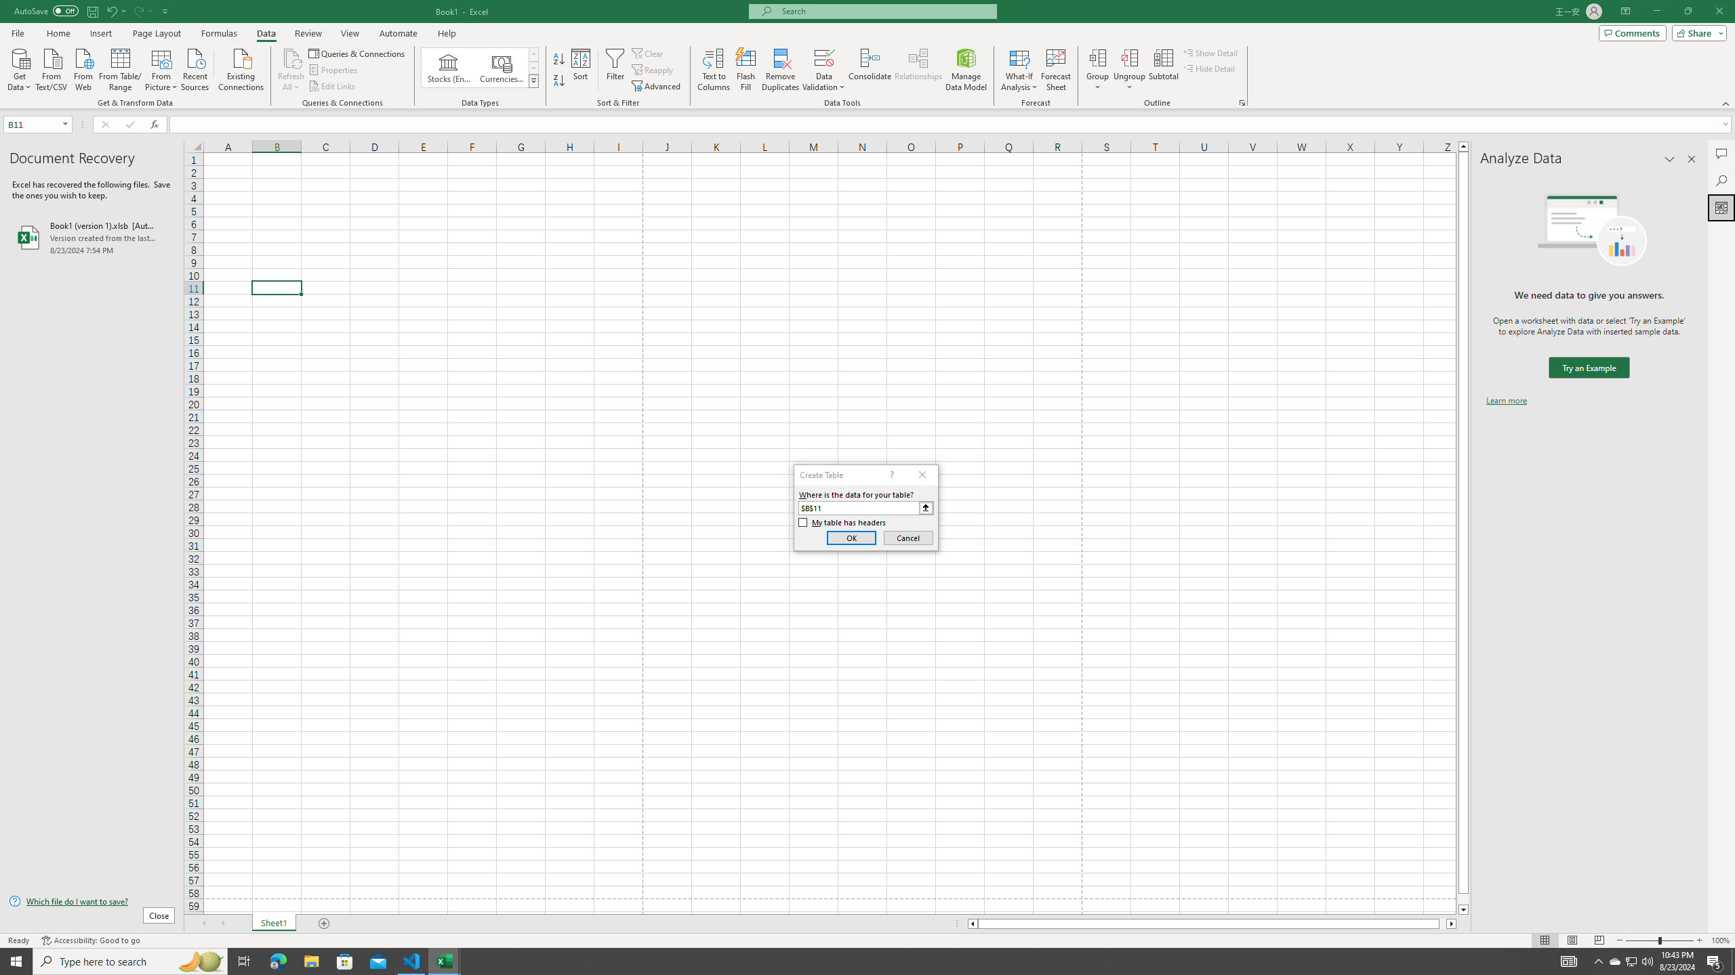 The height and width of the screenshot is (975, 1735). I want to click on 'What-If Analysis', so click(1019, 70).